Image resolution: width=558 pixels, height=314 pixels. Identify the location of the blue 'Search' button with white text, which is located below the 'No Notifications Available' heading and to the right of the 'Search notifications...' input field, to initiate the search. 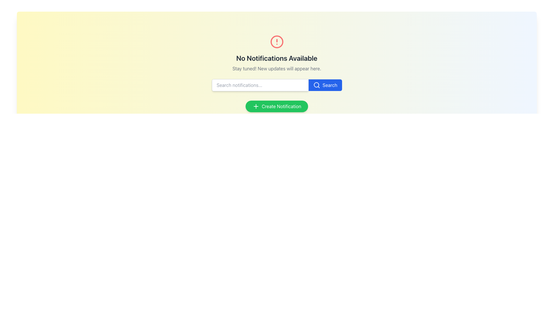
(325, 85).